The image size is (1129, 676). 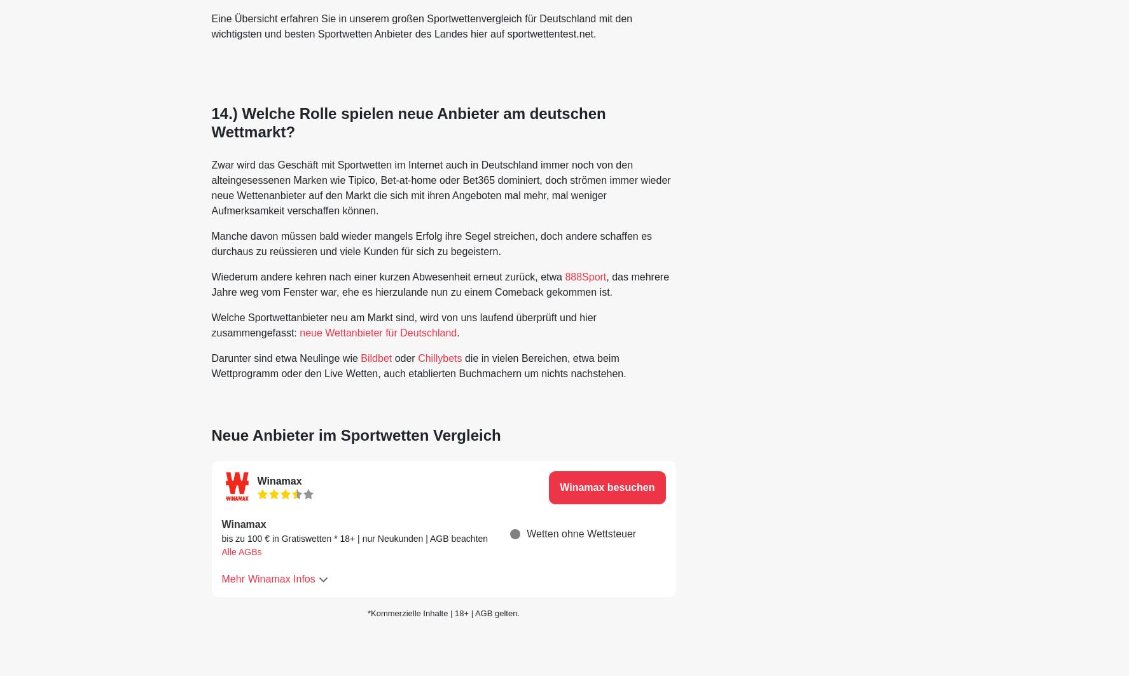 I want to click on 'Eine Übersicht erfahren Sie in unserem großen Sportwettenvergleich für Deutschland mit den wichtigsten und besten Sportwetten Anbieter des Landes hier auf sportwettentest.net.', so click(x=420, y=26).